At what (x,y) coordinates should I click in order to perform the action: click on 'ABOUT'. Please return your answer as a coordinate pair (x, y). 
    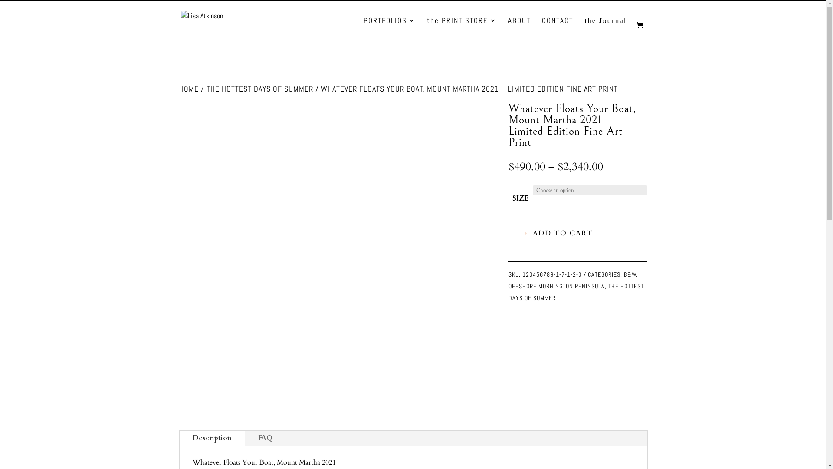
    Looking at the image, I should click on (519, 28).